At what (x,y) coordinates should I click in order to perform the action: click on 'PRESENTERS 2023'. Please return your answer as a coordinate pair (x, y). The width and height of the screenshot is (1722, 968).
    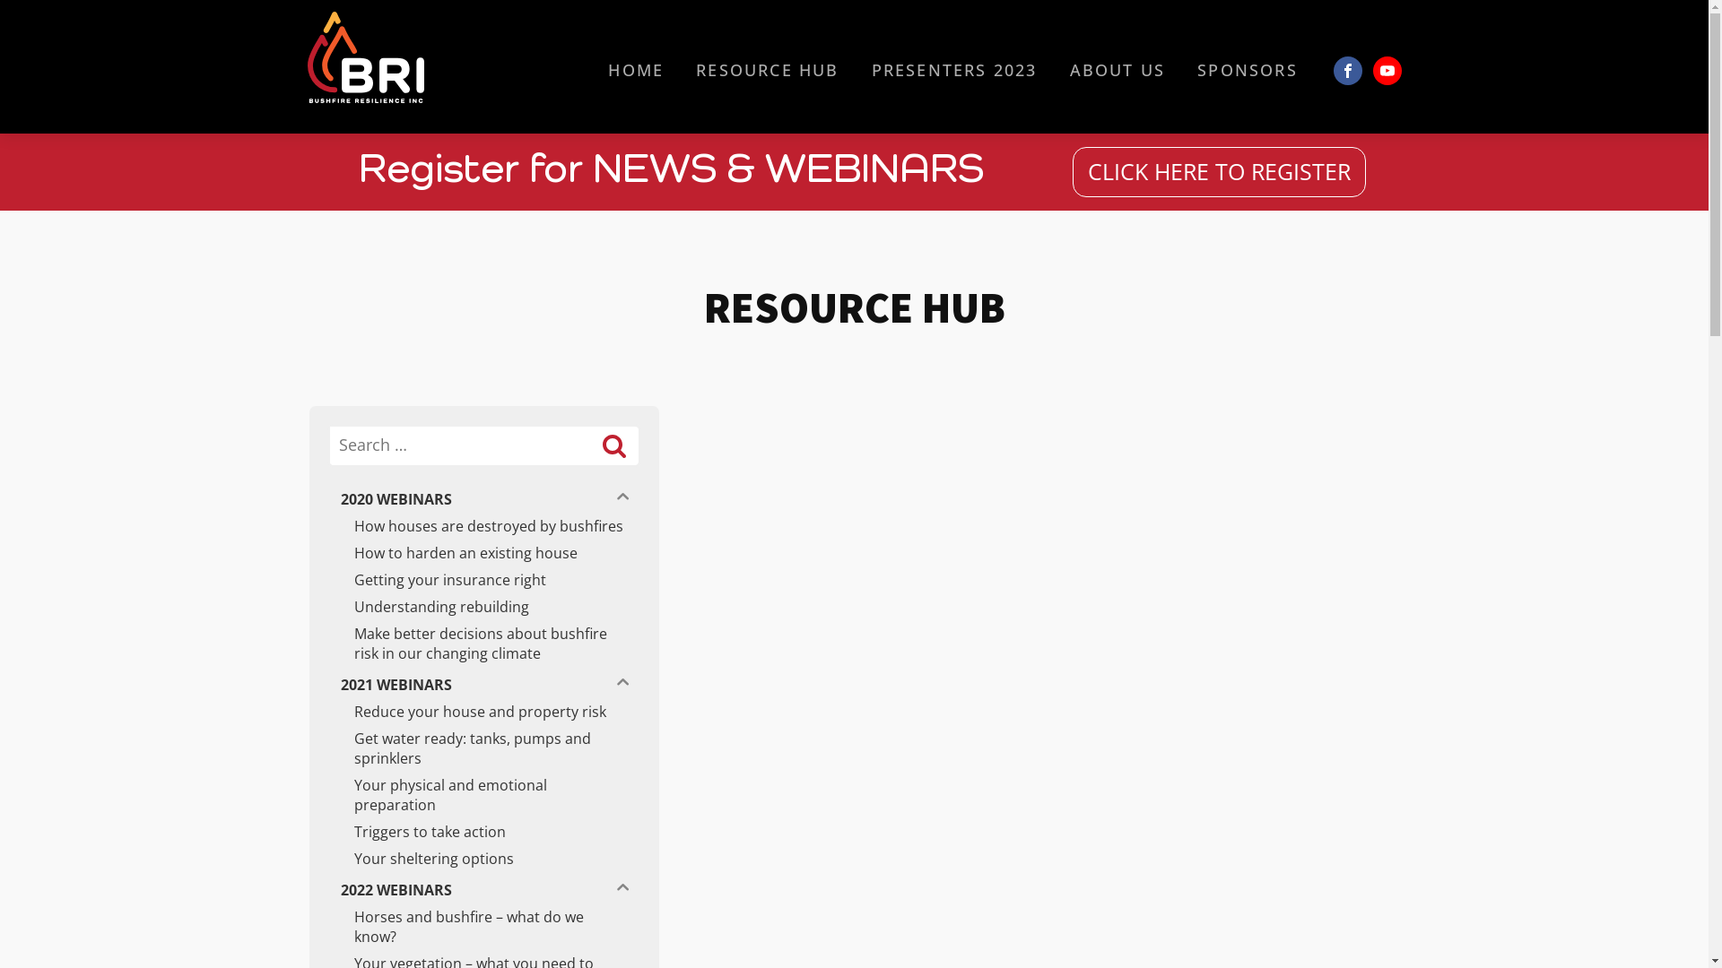
    Looking at the image, I should click on (953, 69).